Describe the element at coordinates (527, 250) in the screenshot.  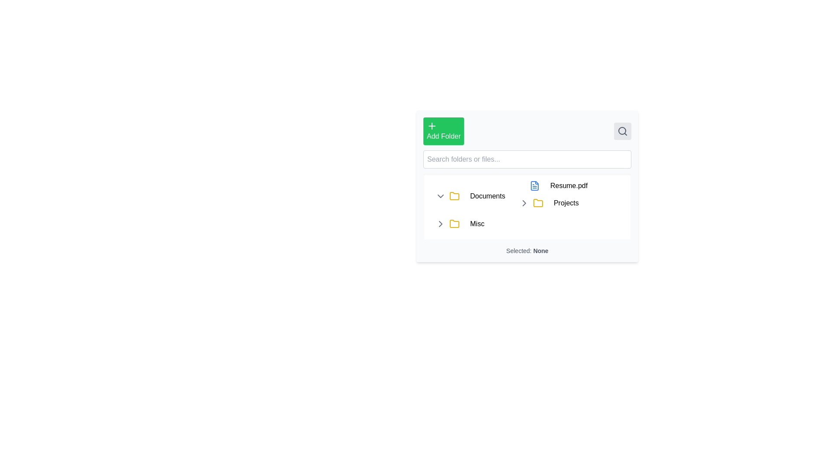
I see `displayed text from the text label that shows the currently selected item, which currently indicates 'None'` at that location.